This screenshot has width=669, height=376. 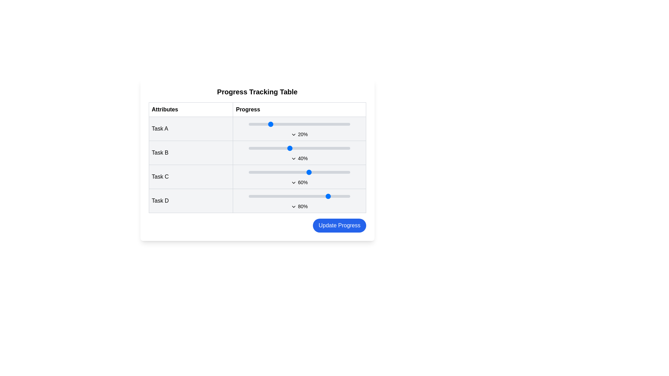 What do you see at coordinates (299, 152) in the screenshot?
I see `the text label displaying '40%' which is located below the slider bar in the 'Progress' column of the 'Task B' row in the progress tracking table` at bounding box center [299, 152].